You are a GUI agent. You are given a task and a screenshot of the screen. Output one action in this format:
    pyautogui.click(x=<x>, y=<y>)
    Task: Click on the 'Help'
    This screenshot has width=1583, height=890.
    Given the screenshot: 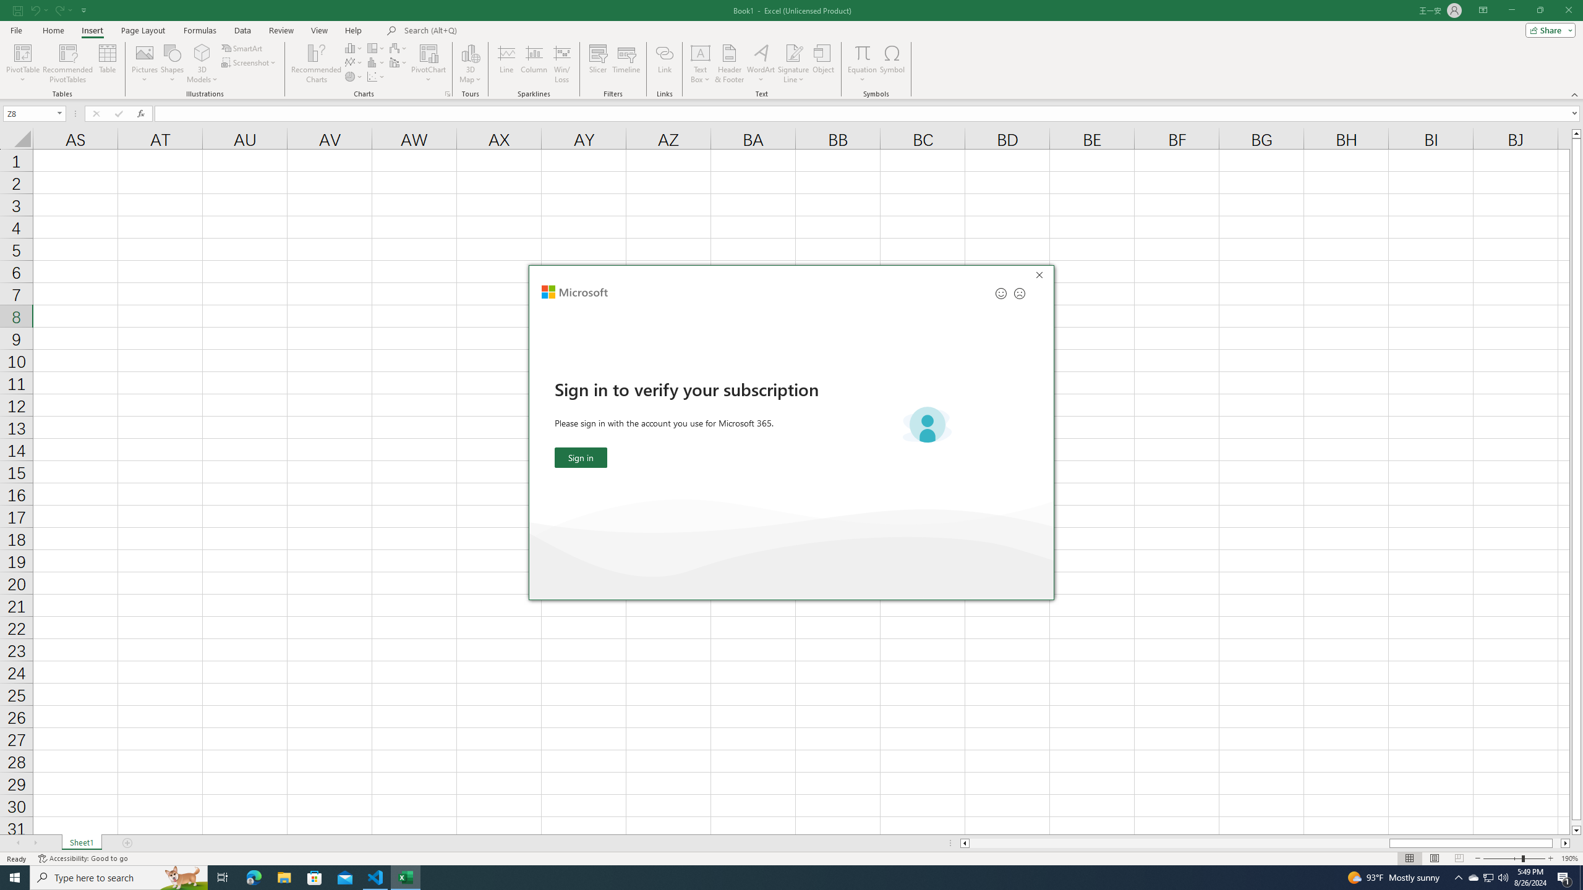 What is the action you would take?
    pyautogui.click(x=353, y=30)
    